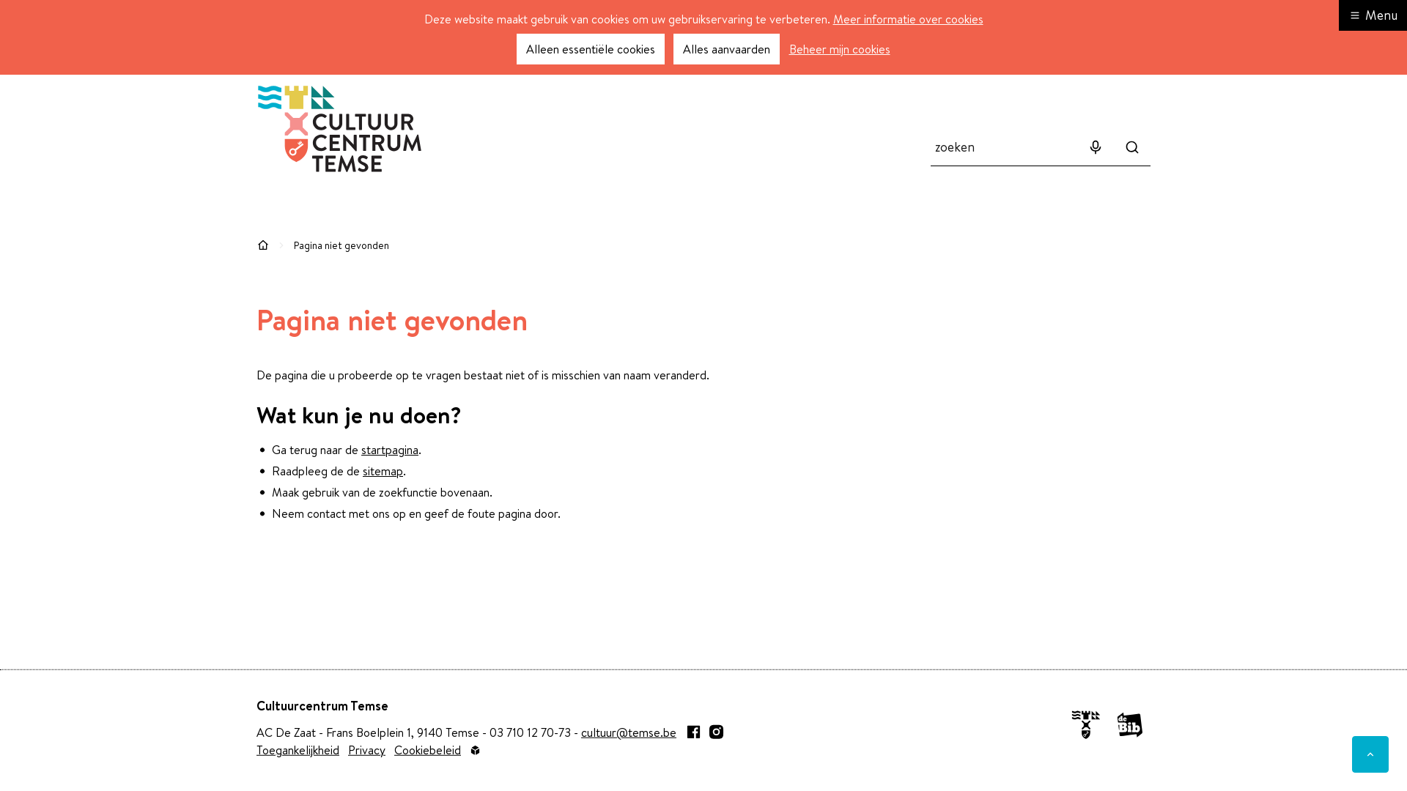 The image size is (1407, 791). I want to click on 'Meer informatie over cookies', so click(906, 19).